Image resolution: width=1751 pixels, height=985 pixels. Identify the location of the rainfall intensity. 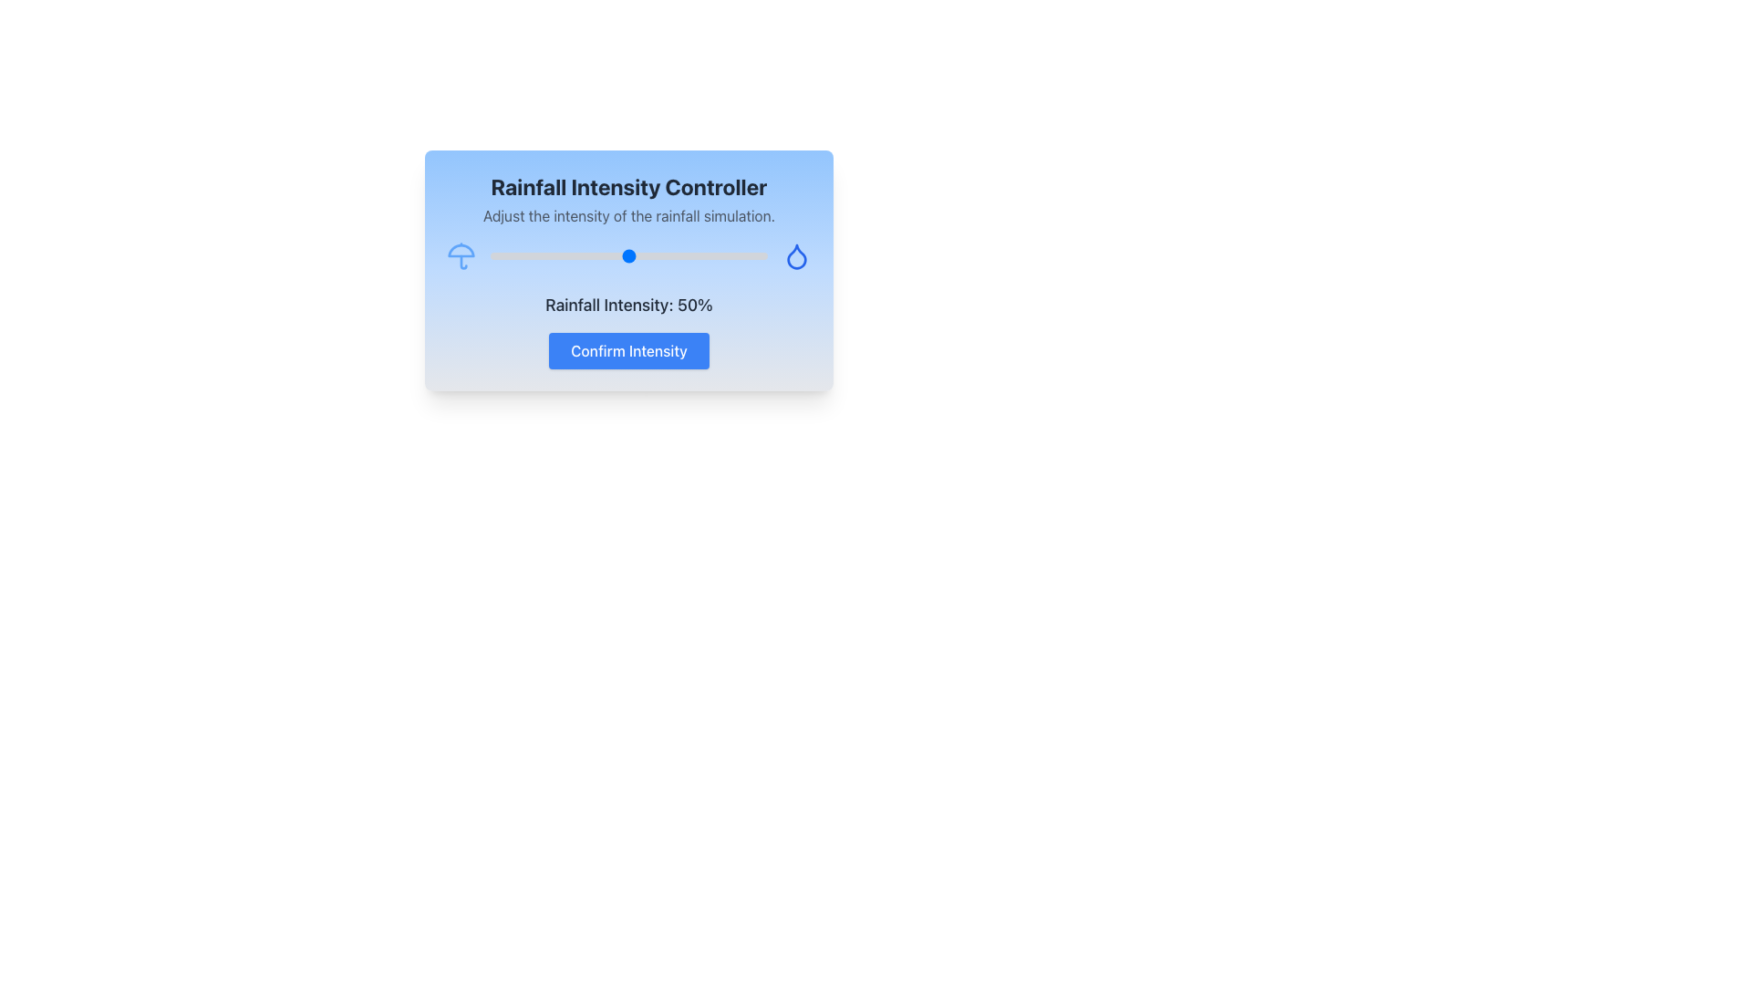
(643, 256).